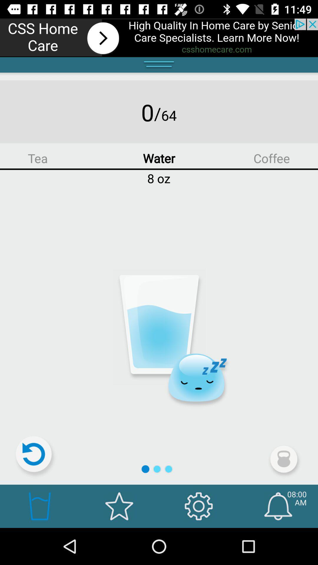  Describe the element at coordinates (36, 456) in the screenshot. I see `refresh page` at that location.